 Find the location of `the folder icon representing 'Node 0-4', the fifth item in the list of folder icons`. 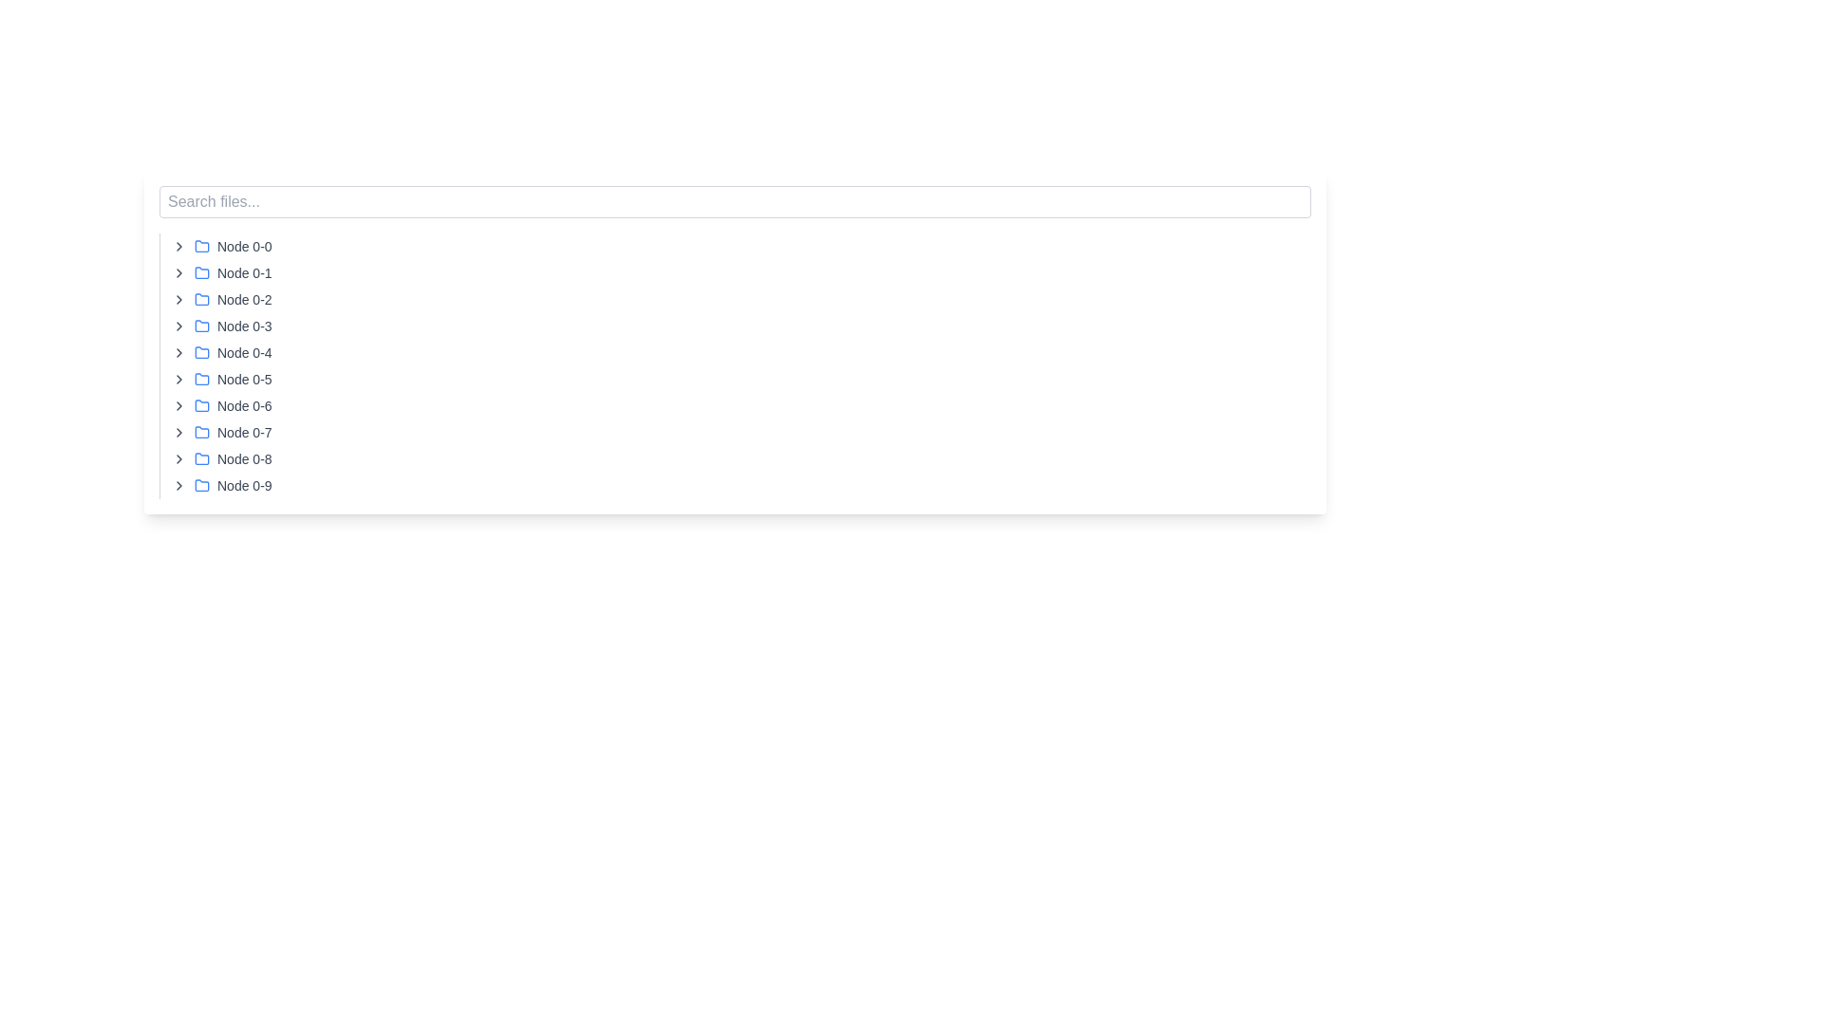

the folder icon representing 'Node 0-4', the fifth item in the list of folder icons is located at coordinates (201, 351).